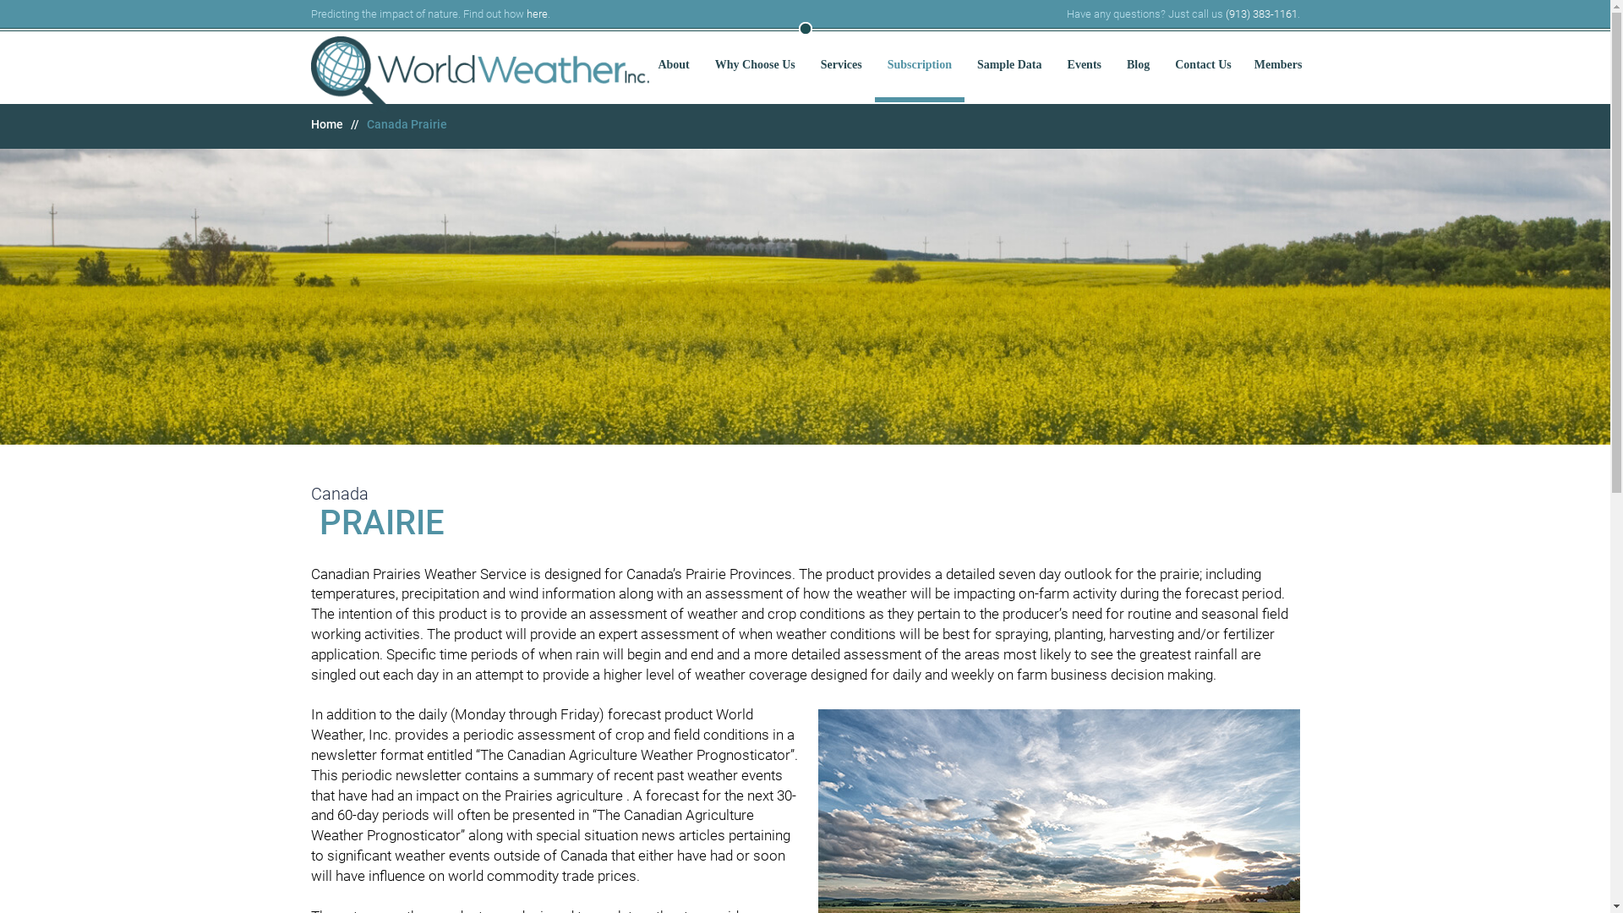 Image resolution: width=1623 pixels, height=913 pixels. What do you see at coordinates (525, 14) in the screenshot?
I see `'here'` at bounding box center [525, 14].